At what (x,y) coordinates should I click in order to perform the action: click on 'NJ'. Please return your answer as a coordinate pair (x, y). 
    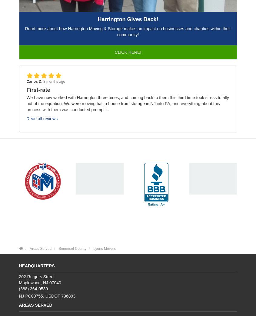
    Looking at the image, I should click on (45, 282).